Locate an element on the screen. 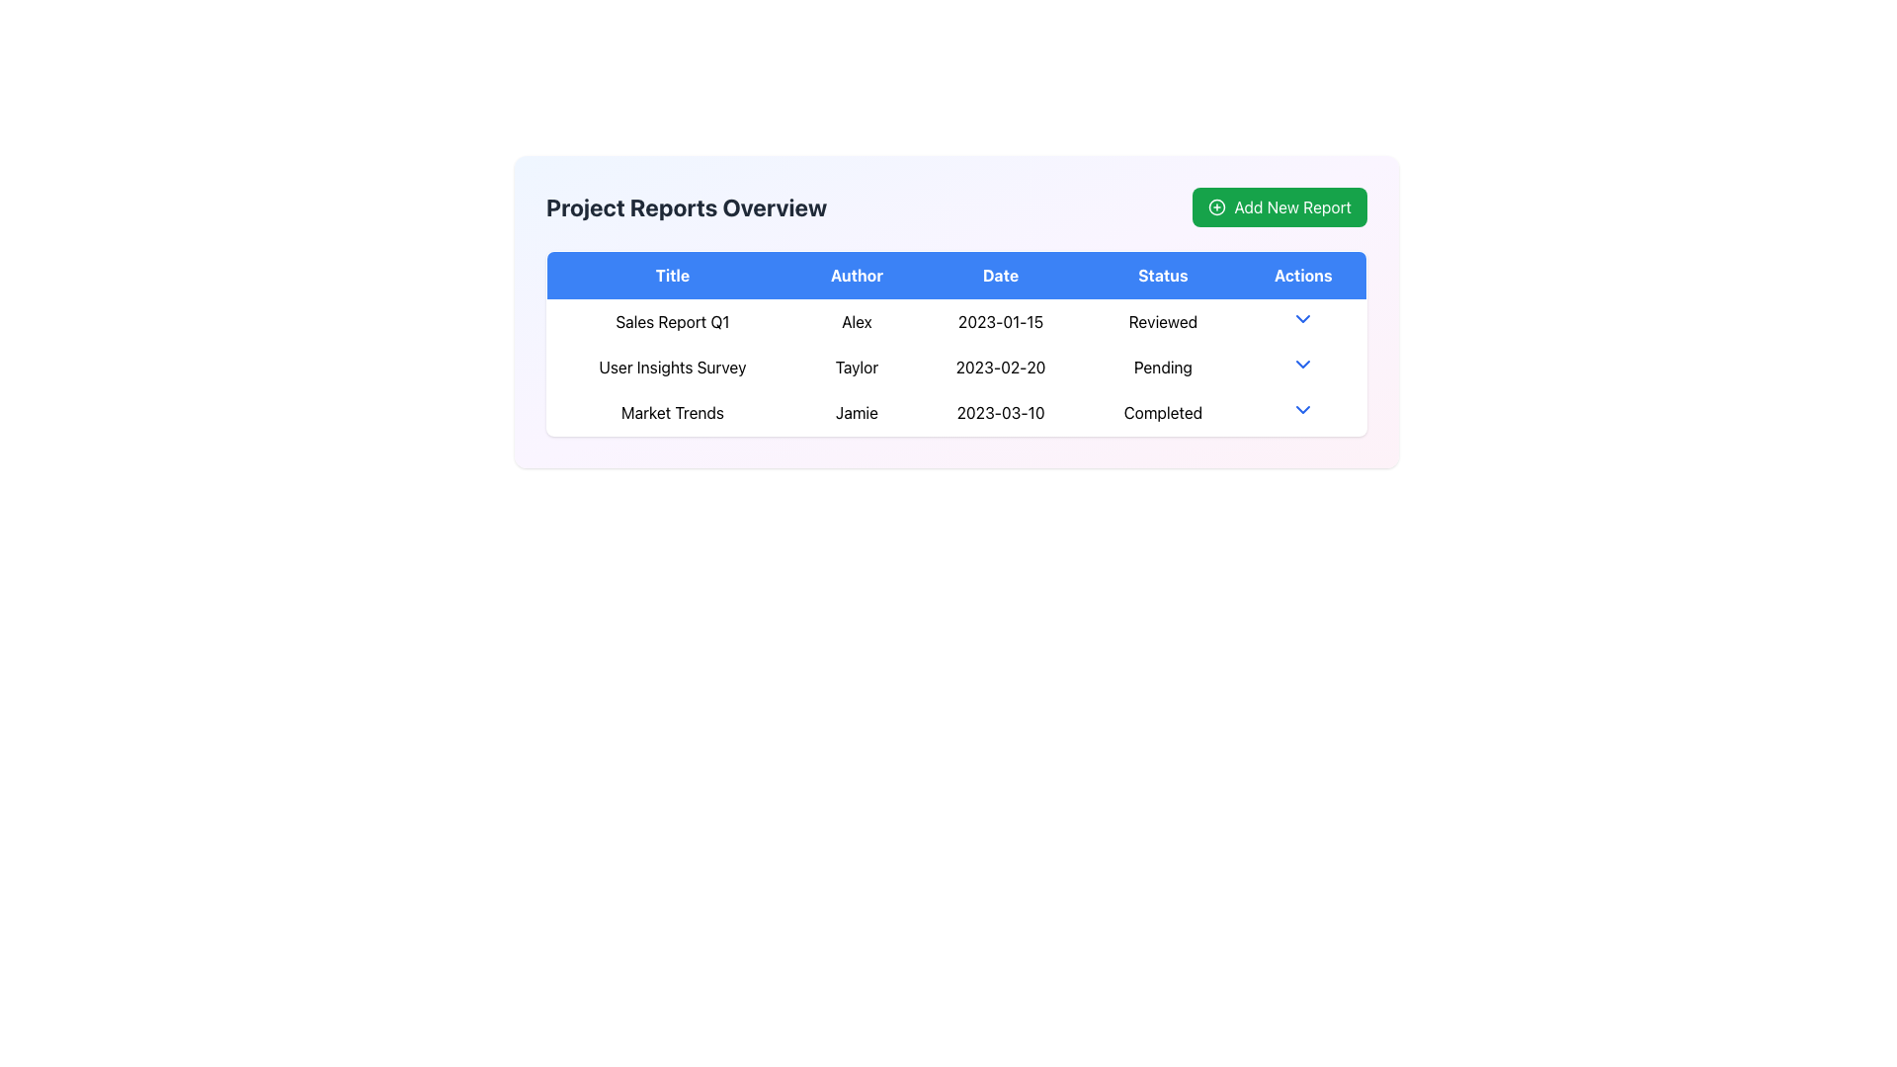 The image size is (1897, 1067). the 'Actions' table header, which is the fifth column in the header row of the table, displaying white text on a blue background is located at coordinates (1303, 275).